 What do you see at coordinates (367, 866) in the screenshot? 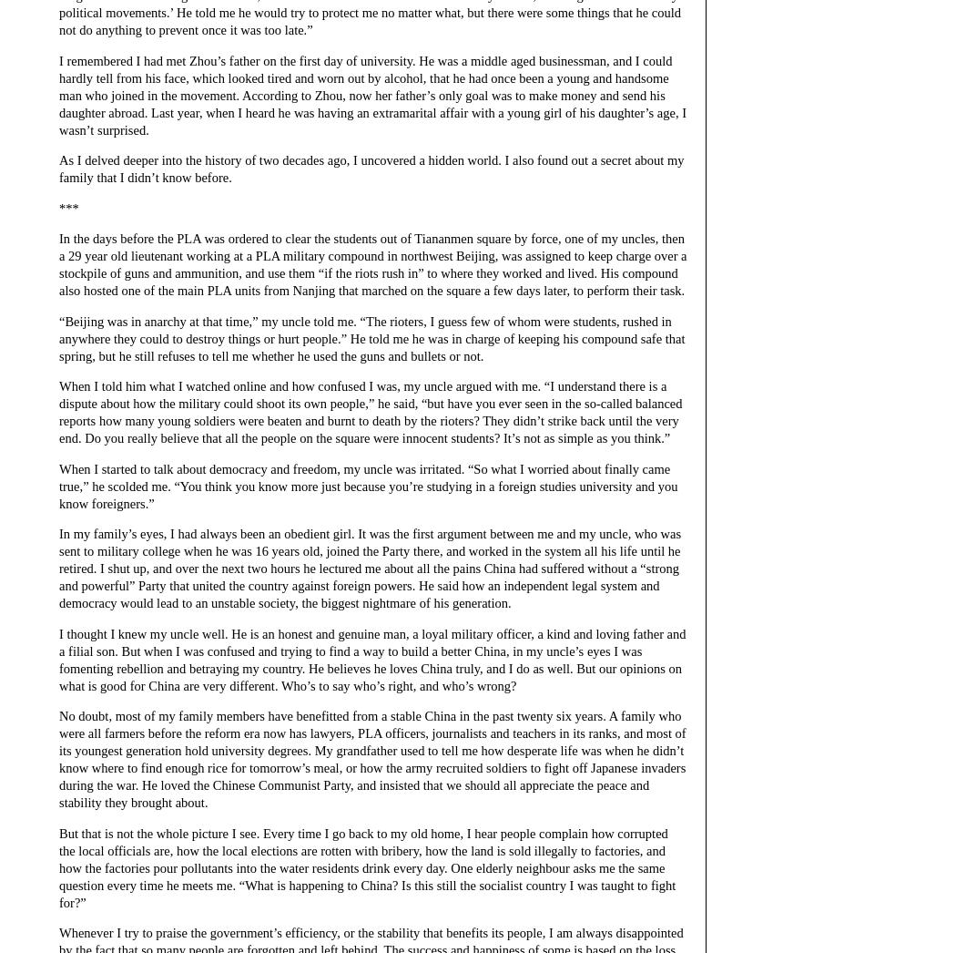
I see `'But that is not the whole picture I see. Every time I go back to my old home, I hear people complain how corrupted the local officials are, how the local elections are rotten with bribery, how the land is sold illegally to factories, and how the factories pour pollutants into the water residents drink every day. One elderly neighbour asks me the same question every time he meets me. “What is happening to China? Is this still the socialist country I was taught to fight for?”'` at bounding box center [367, 866].